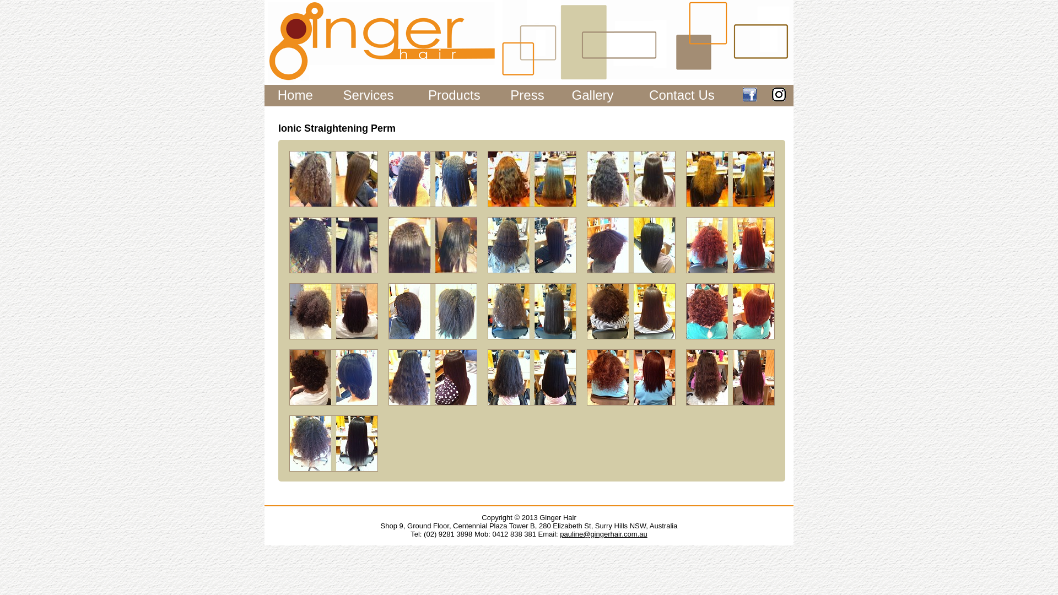 This screenshot has width=1058, height=595. Describe the element at coordinates (526, 94) in the screenshot. I see `'Press'` at that location.